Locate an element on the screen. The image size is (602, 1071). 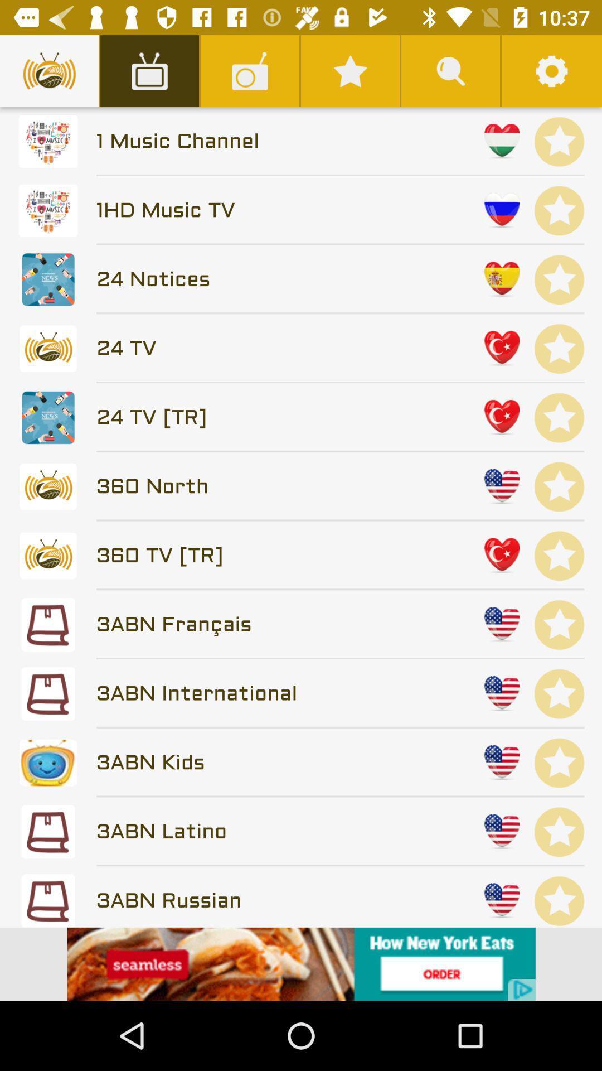
open the advertisement is located at coordinates (301, 963).